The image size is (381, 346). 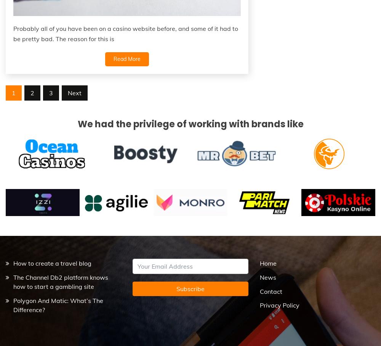 I want to click on 'Read More', so click(x=126, y=58).